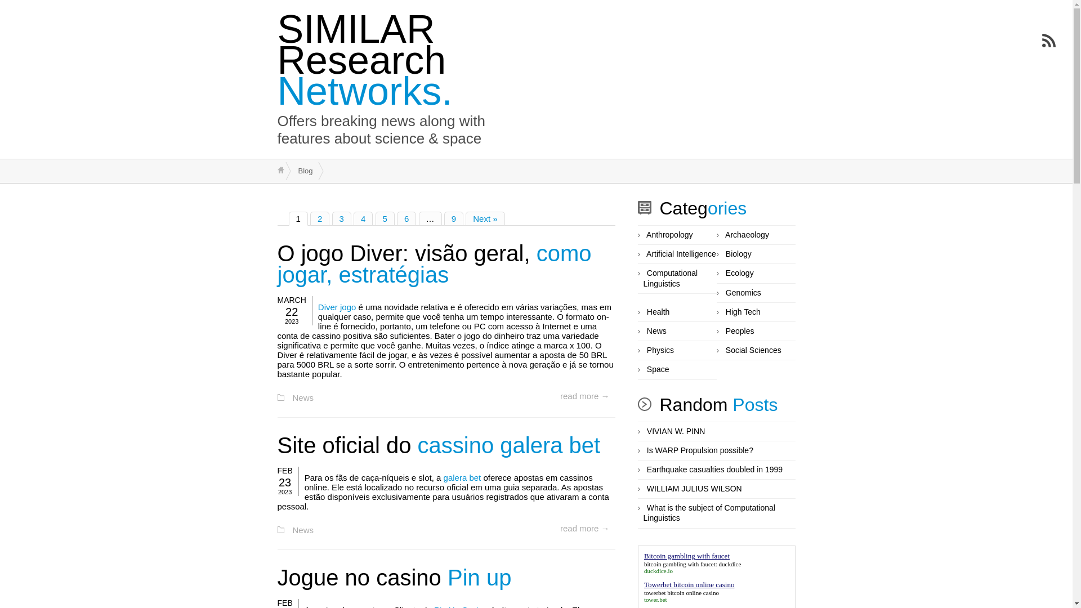 Image resolution: width=1081 pixels, height=608 pixels. I want to click on 'Earthquake casualties doubled in 1999', so click(714, 470).